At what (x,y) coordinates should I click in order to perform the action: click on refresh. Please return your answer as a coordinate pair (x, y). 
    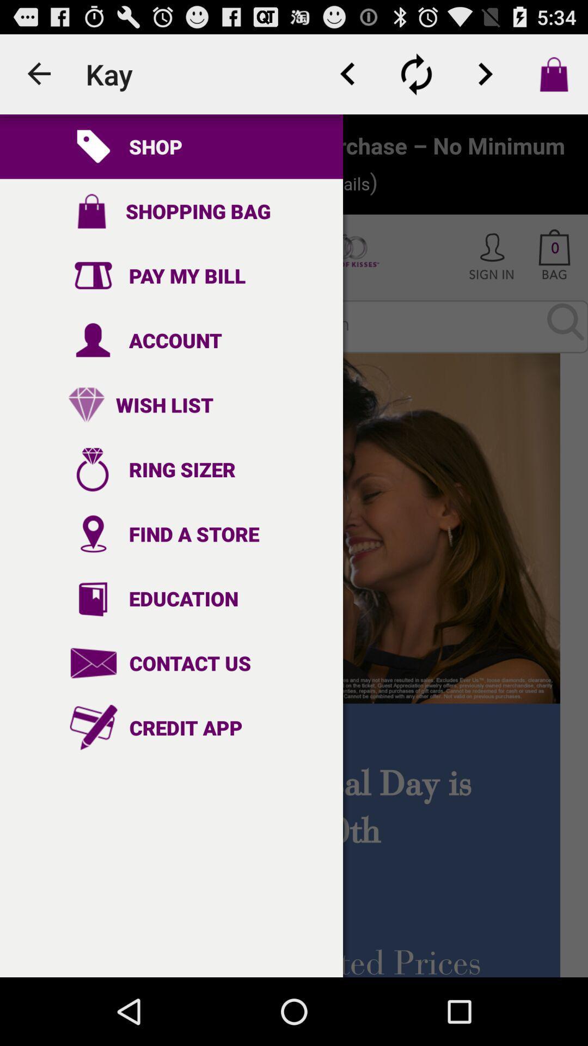
    Looking at the image, I should click on (416, 74).